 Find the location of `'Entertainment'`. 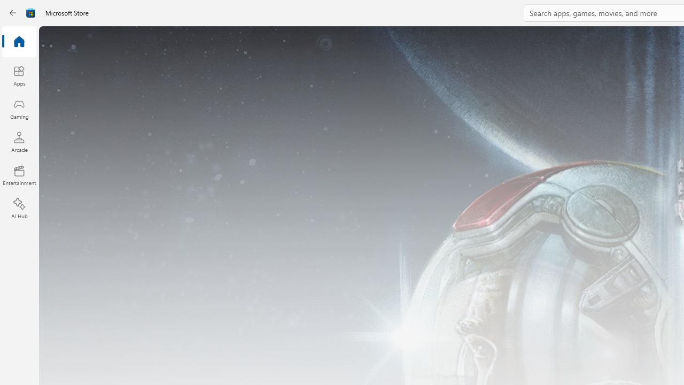

'Entertainment' is located at coordinates (19, 174).